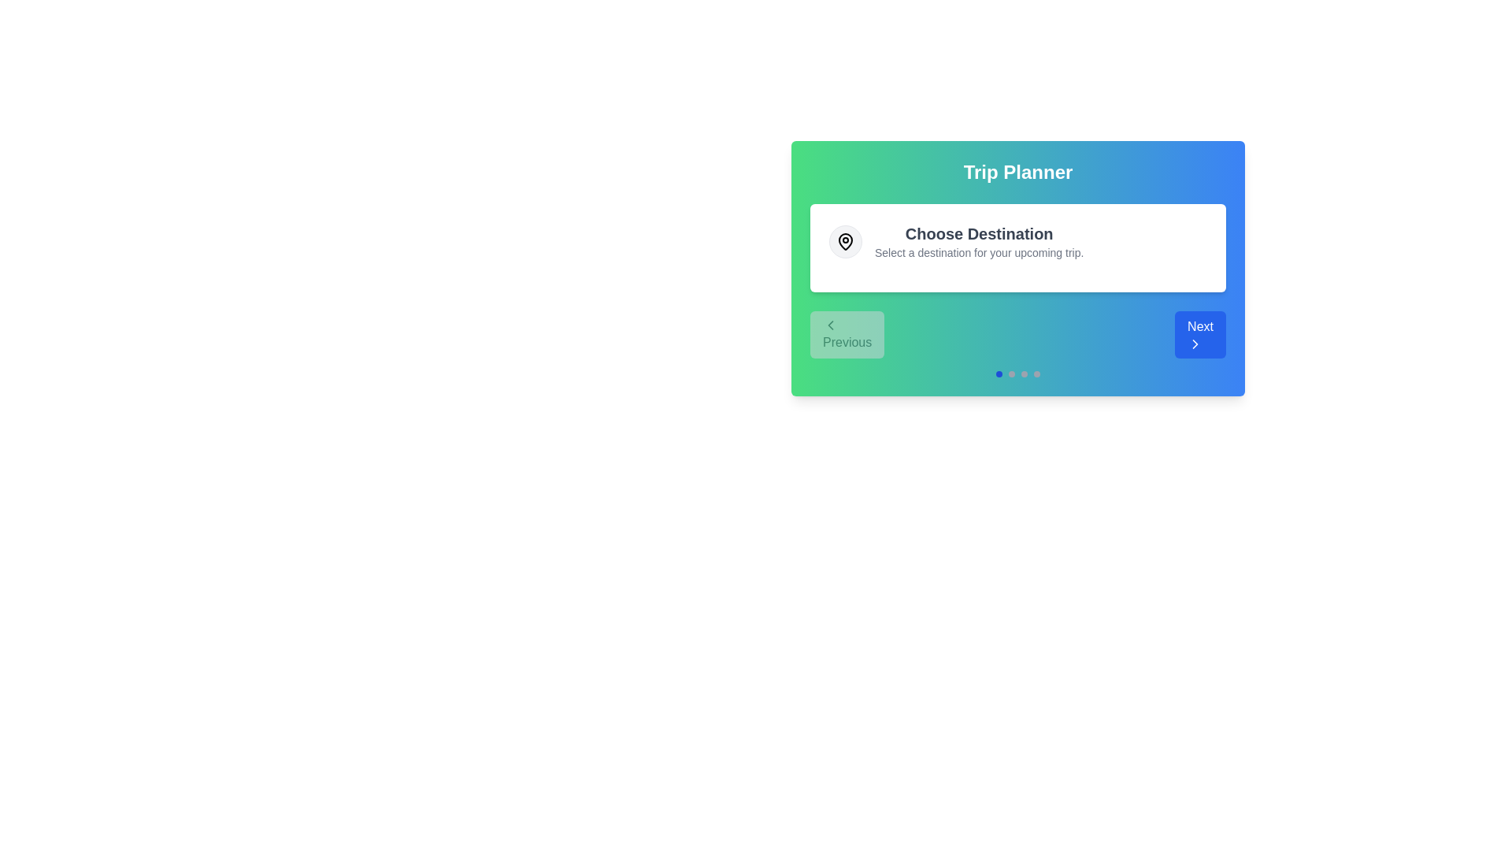 This screenshot has height=851, width=1512. I want to click on the chevron icon inside the blue 'Next' button at the bottom-right corner of the card, so click(1195, 343).